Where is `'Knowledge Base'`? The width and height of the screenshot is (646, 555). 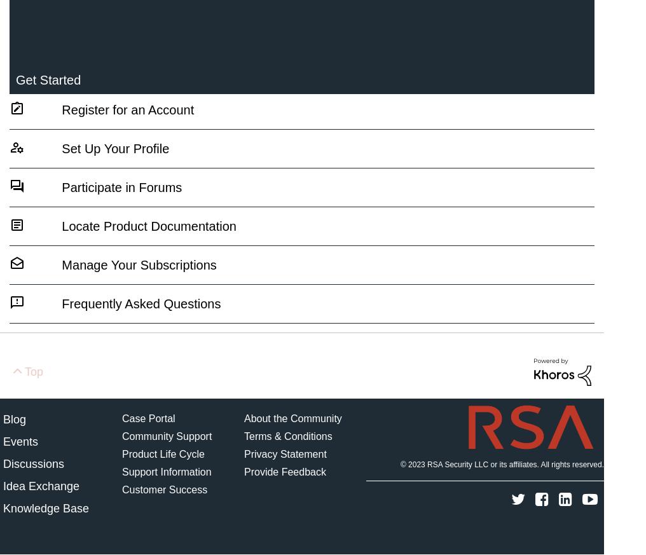 'Knowledge Base' is located at coordinates (2, 507).